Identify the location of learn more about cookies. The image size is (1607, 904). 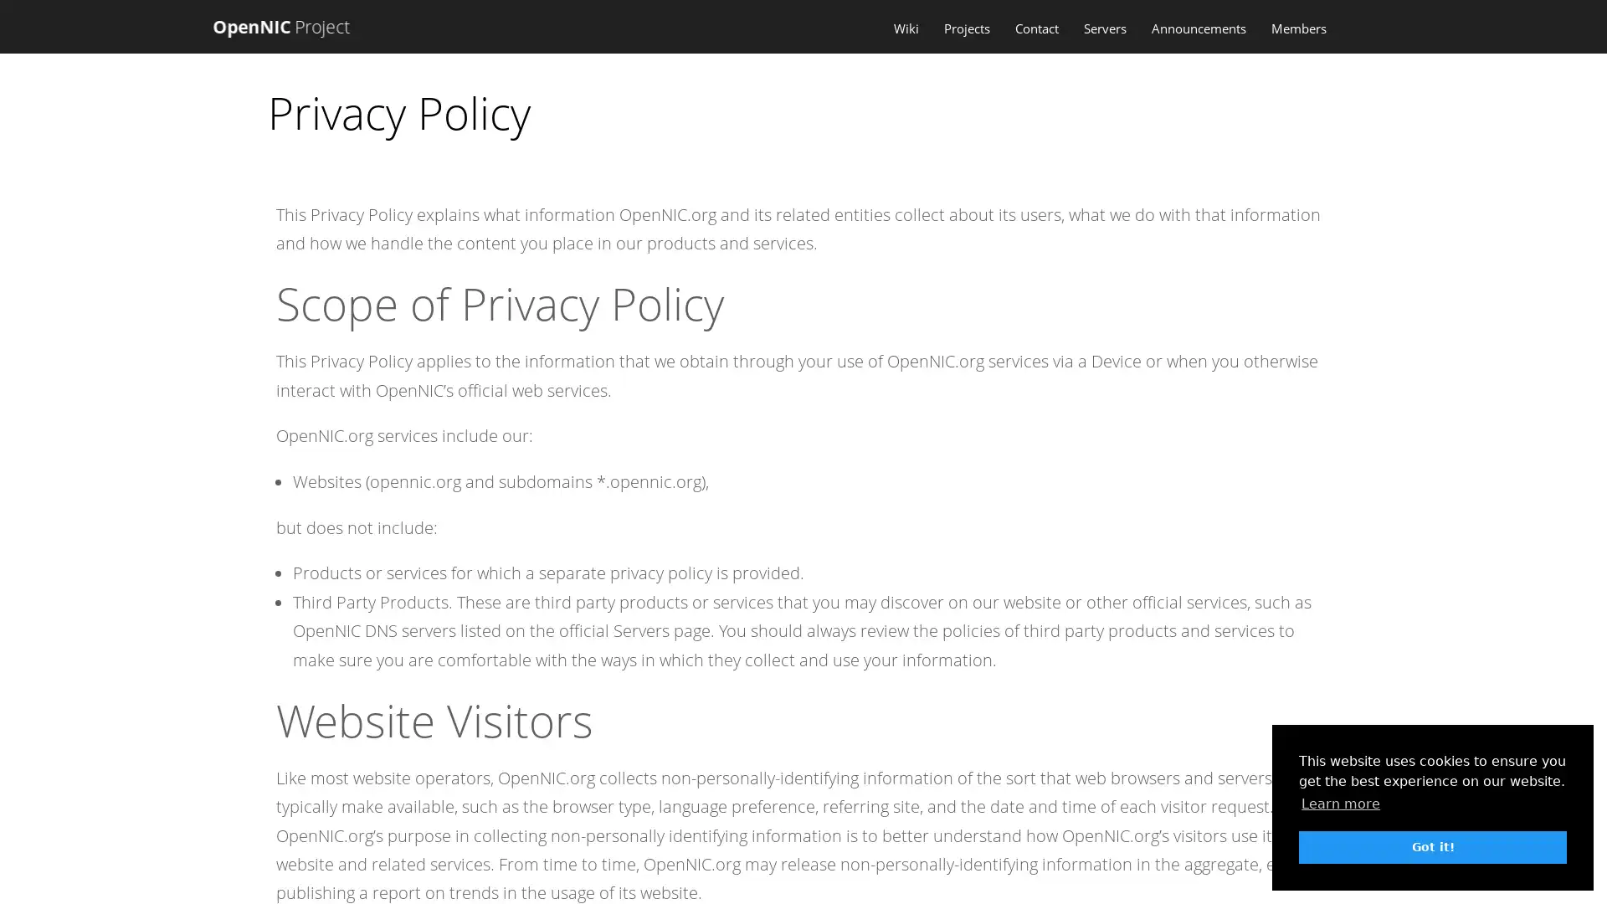
(1341, 803).